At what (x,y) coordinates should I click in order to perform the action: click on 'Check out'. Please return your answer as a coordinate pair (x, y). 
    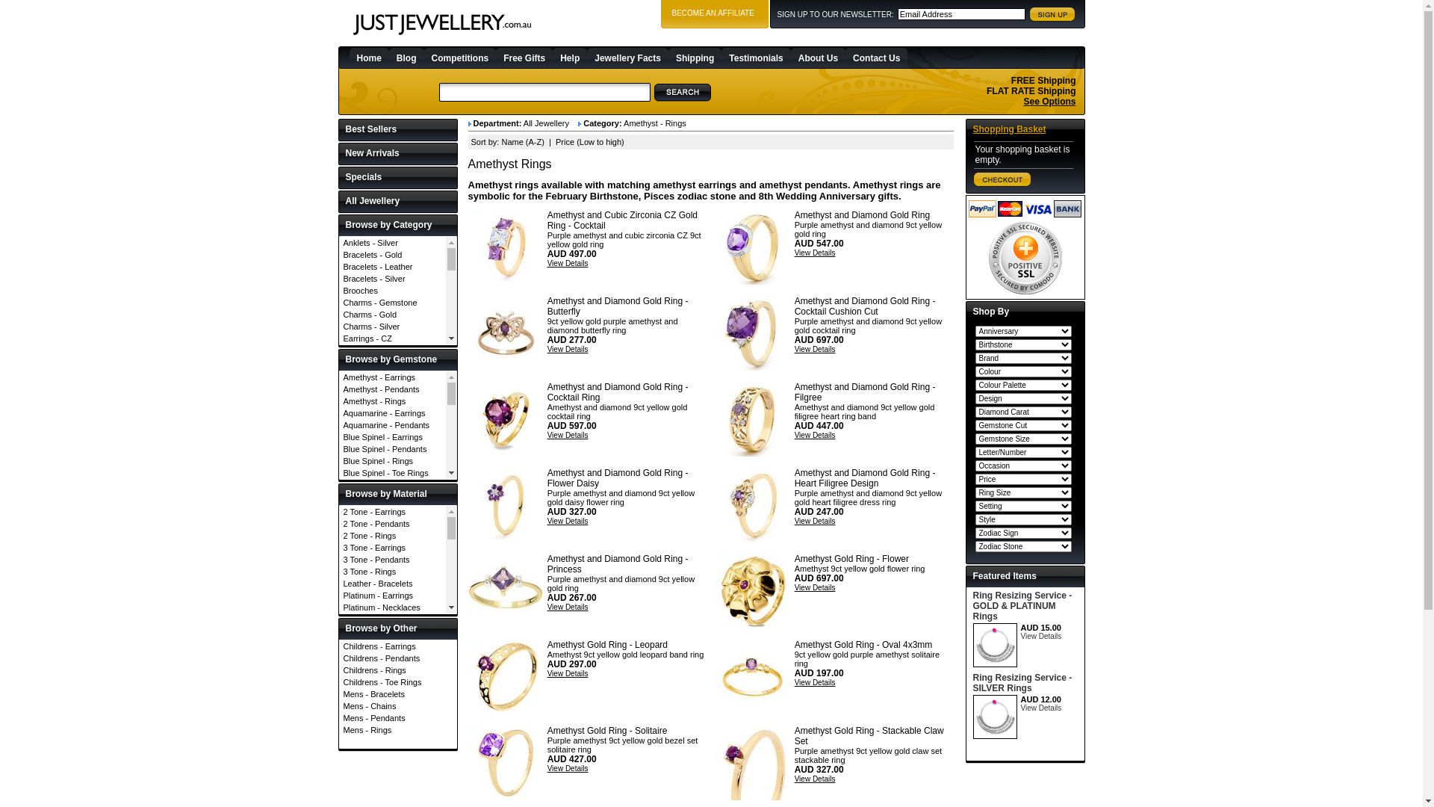
    Looking at the image, I should click on (1002, 179).